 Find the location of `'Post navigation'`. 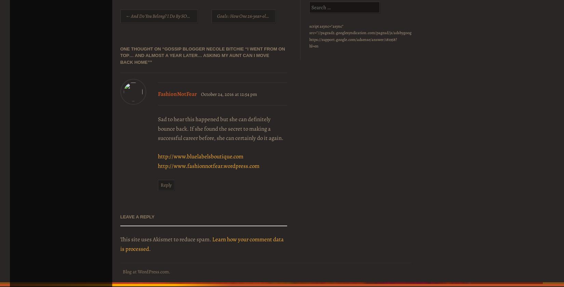

'Post navigation' is located at coordinates (138, 13).